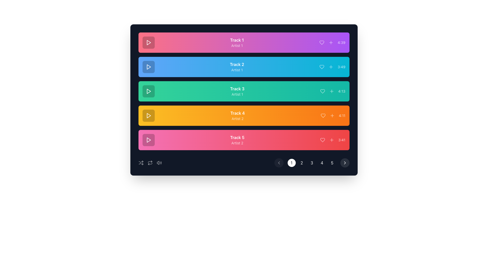 The height and width of the screenshot is (274, 487). I want to click on the label element displaying 'Track 2' with 'Artist 1' below it, which is centered in a gradient blue background and located in the second row of music tracks, so click(237, 66).